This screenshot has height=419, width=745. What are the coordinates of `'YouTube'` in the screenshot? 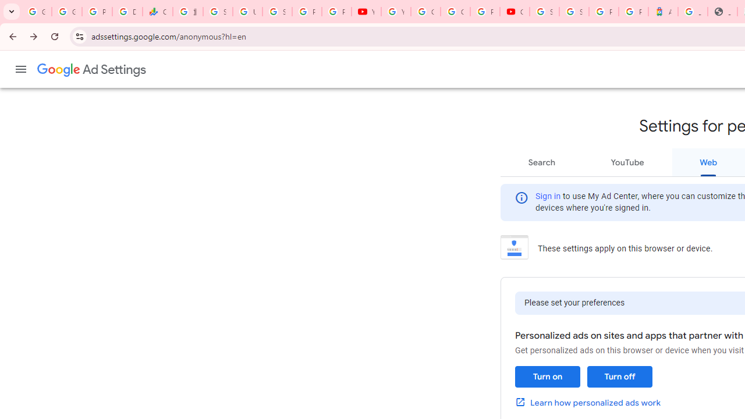 It's located at (626, 162).